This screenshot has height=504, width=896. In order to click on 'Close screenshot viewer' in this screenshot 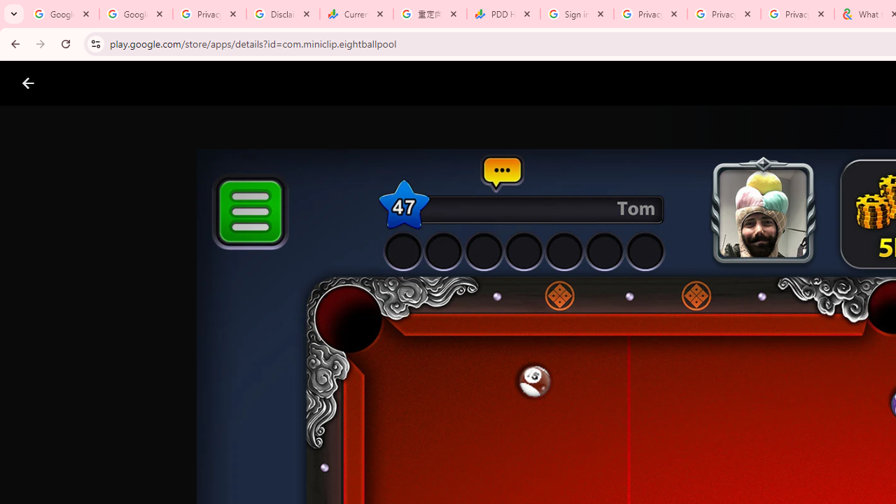, I will do `click(27, 83)`.